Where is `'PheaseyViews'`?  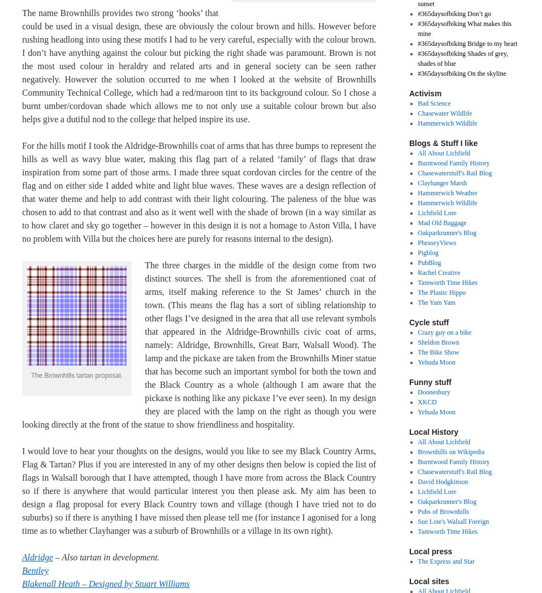 'PheaseyViews' is located at coordinates (436, 242).